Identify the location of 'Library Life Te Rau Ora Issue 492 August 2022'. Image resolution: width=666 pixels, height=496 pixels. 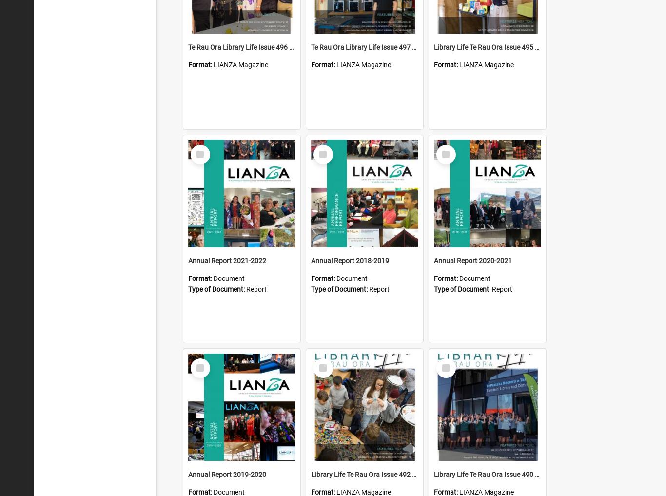
(381, 474).